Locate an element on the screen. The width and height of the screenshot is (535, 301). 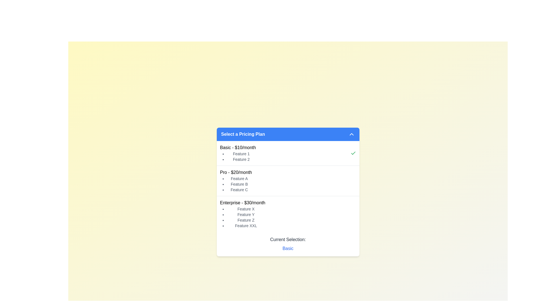
the static label reading 'Feature XXL', which is the fourth item in the bullet-point list under the 'Enterprise - $30/month' heading is located at coordinates (245, 226).